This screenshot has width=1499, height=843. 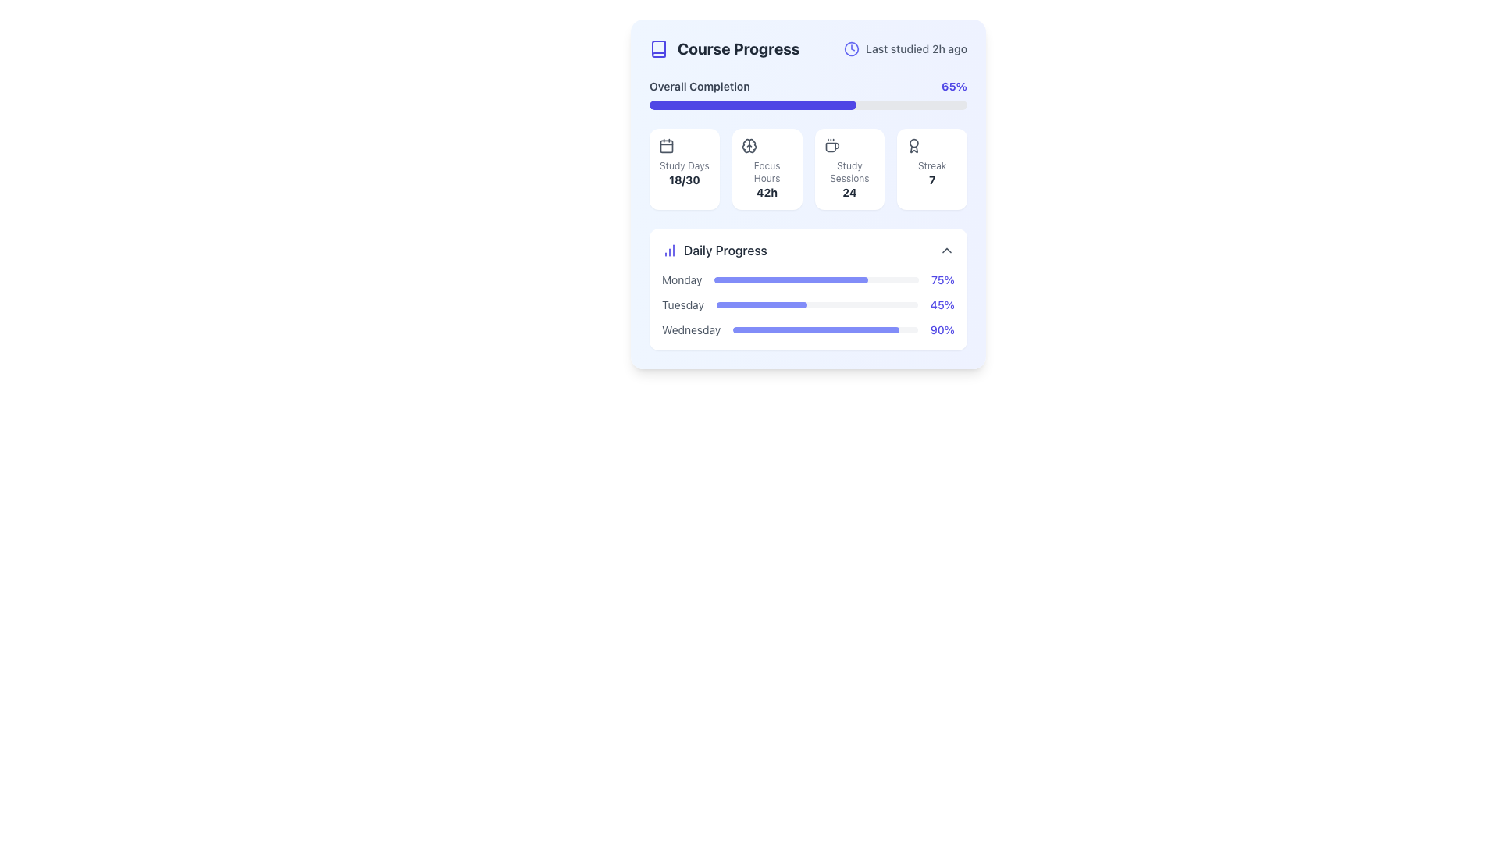 I want to click on the progress bar labeled 'Overall Completion' which shows a percentage value of '65%' indicating the course progress, so click(x=808, y=94).